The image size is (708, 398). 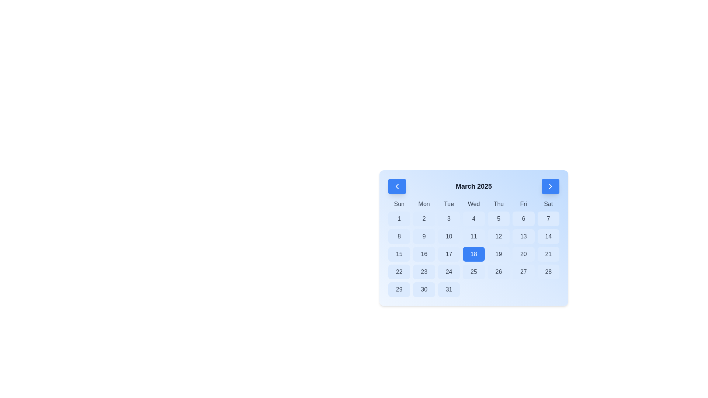 I want to click on the button for selecting the 20th day of the month in the calendar widget, located under the 'Fri' column, sixth box in its row, so click(x=523, y=254).